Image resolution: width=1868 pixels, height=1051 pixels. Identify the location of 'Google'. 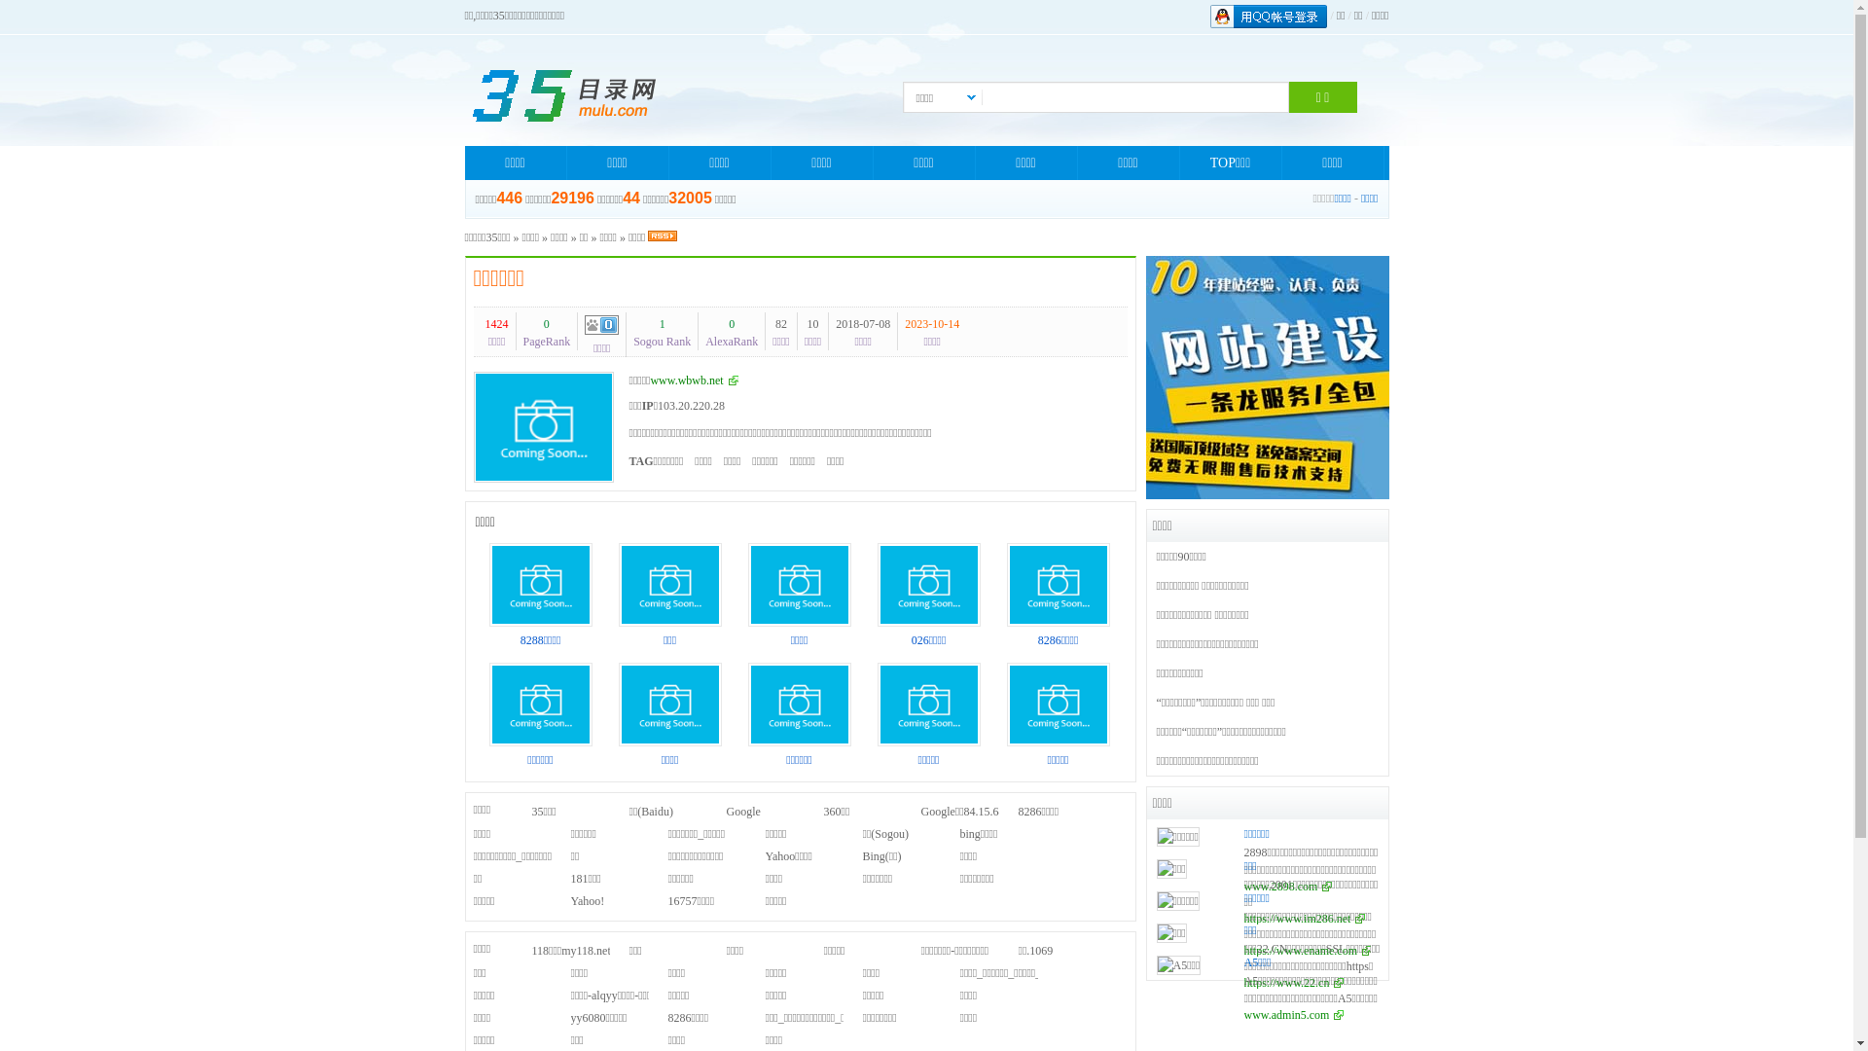
(741, 811).